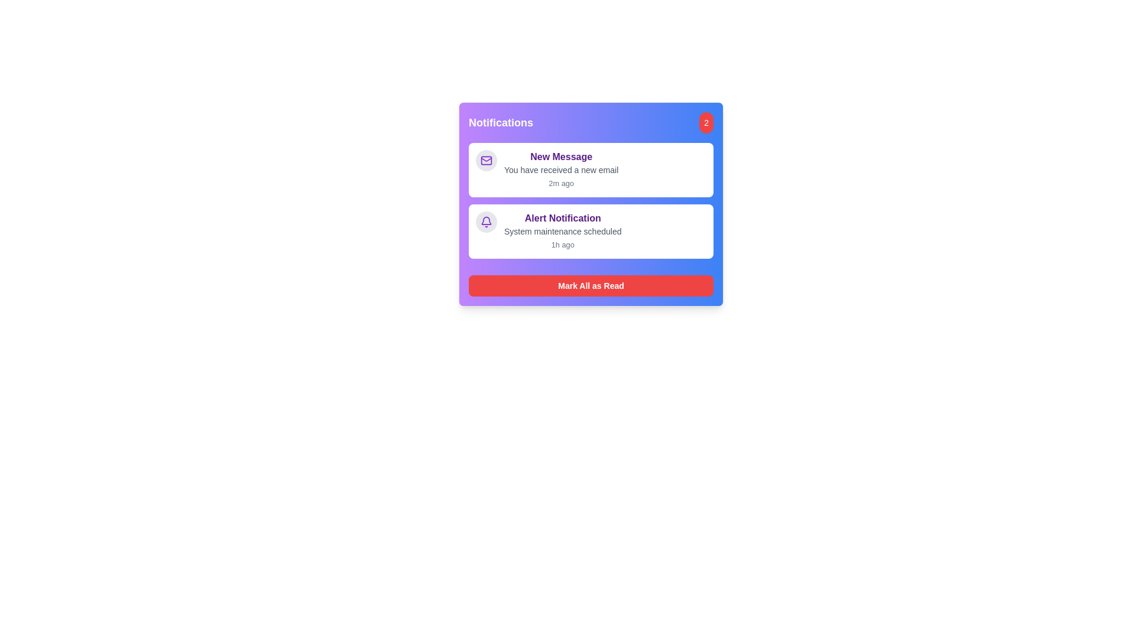  Describe the element at coordinates (562, 232) in the screenshot. I see `the Notification block that contains the alert titled 'Alert Notification', detailing 'System maintenance scheduled' which occurred '1h ago'` at that location.